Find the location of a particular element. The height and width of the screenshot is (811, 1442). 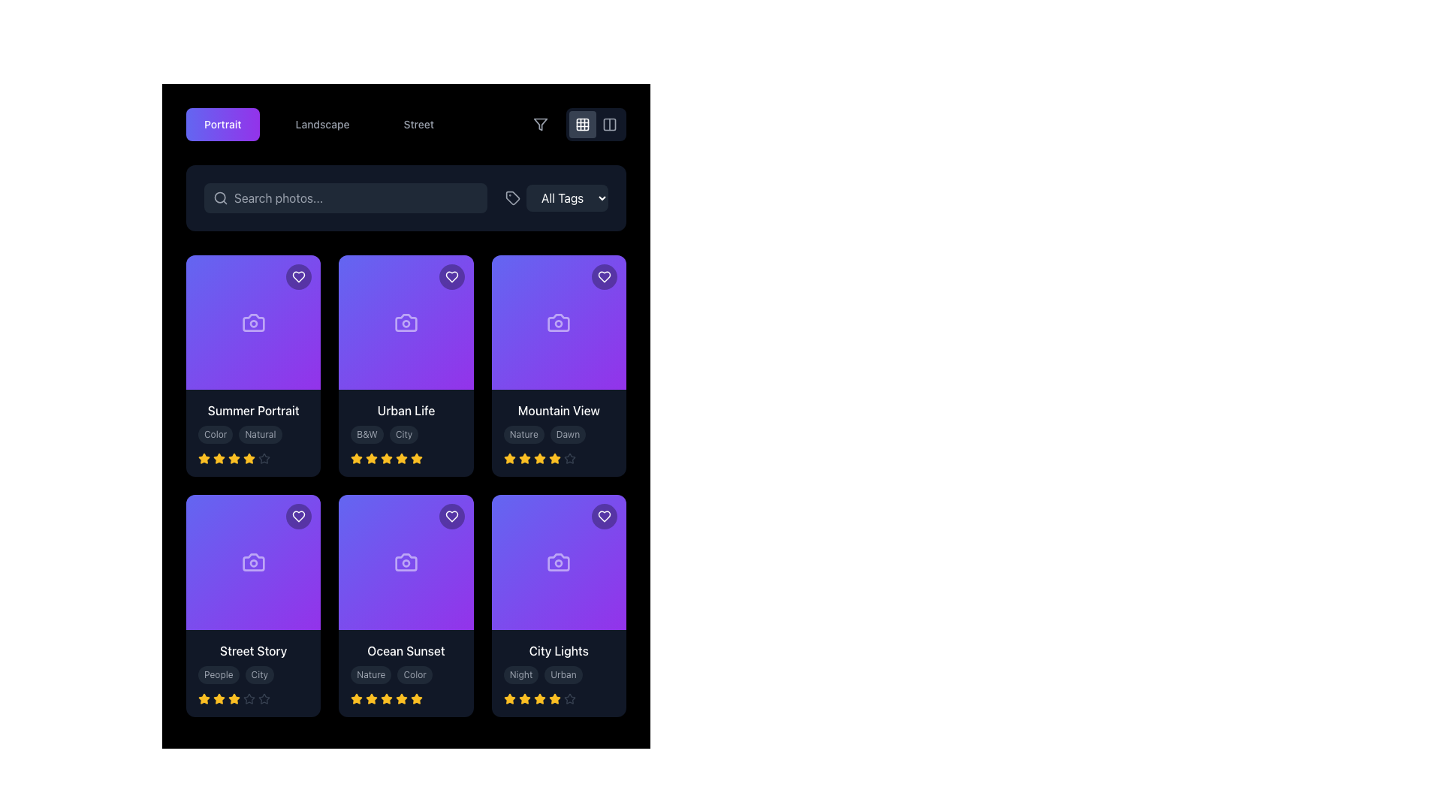

the fourth star-shaped rating icon for the media item 'Ocean Sunset', which is located in the second row of the list is located at coordinates (387, 698).